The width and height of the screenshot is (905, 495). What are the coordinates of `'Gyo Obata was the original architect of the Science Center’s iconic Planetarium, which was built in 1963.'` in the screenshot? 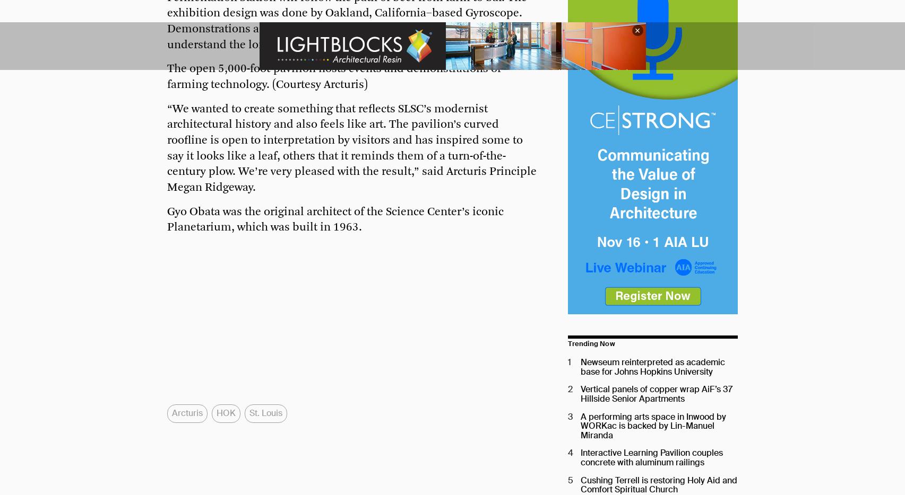 It's located at (335, 219).